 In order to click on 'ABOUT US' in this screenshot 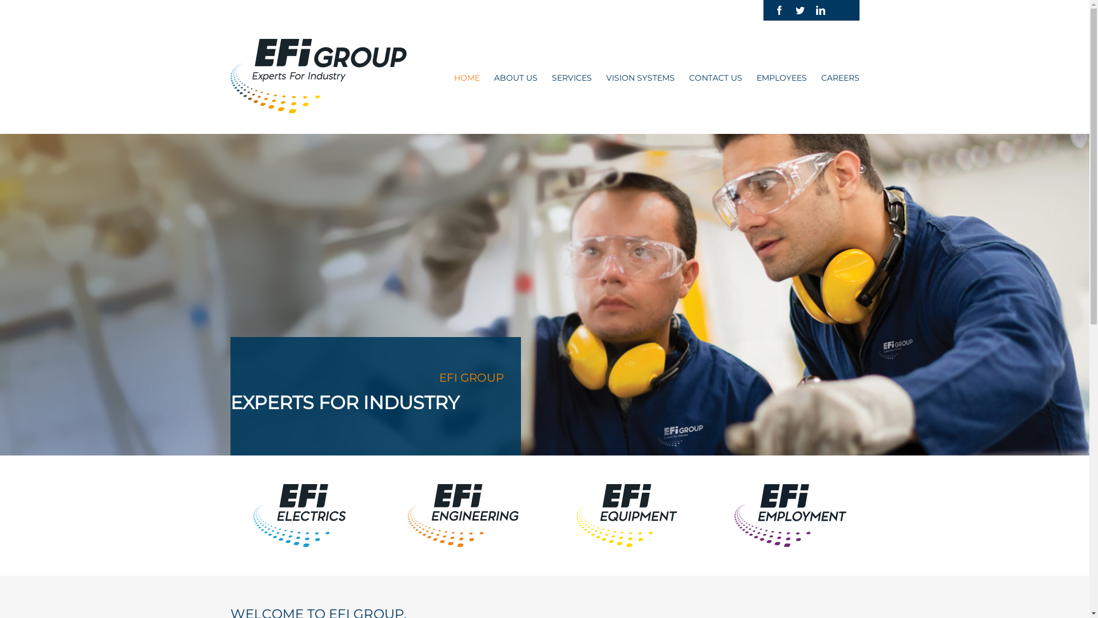, I will do `click(515, 77)`.